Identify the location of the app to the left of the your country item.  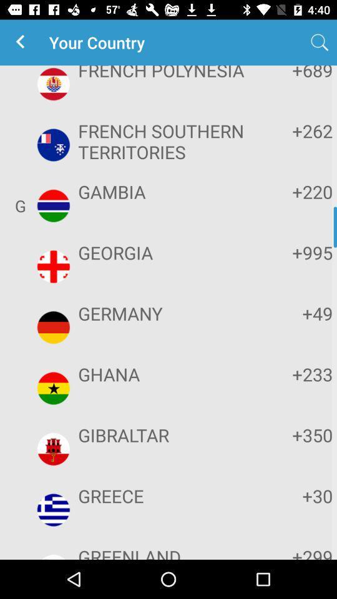
(22, 42).